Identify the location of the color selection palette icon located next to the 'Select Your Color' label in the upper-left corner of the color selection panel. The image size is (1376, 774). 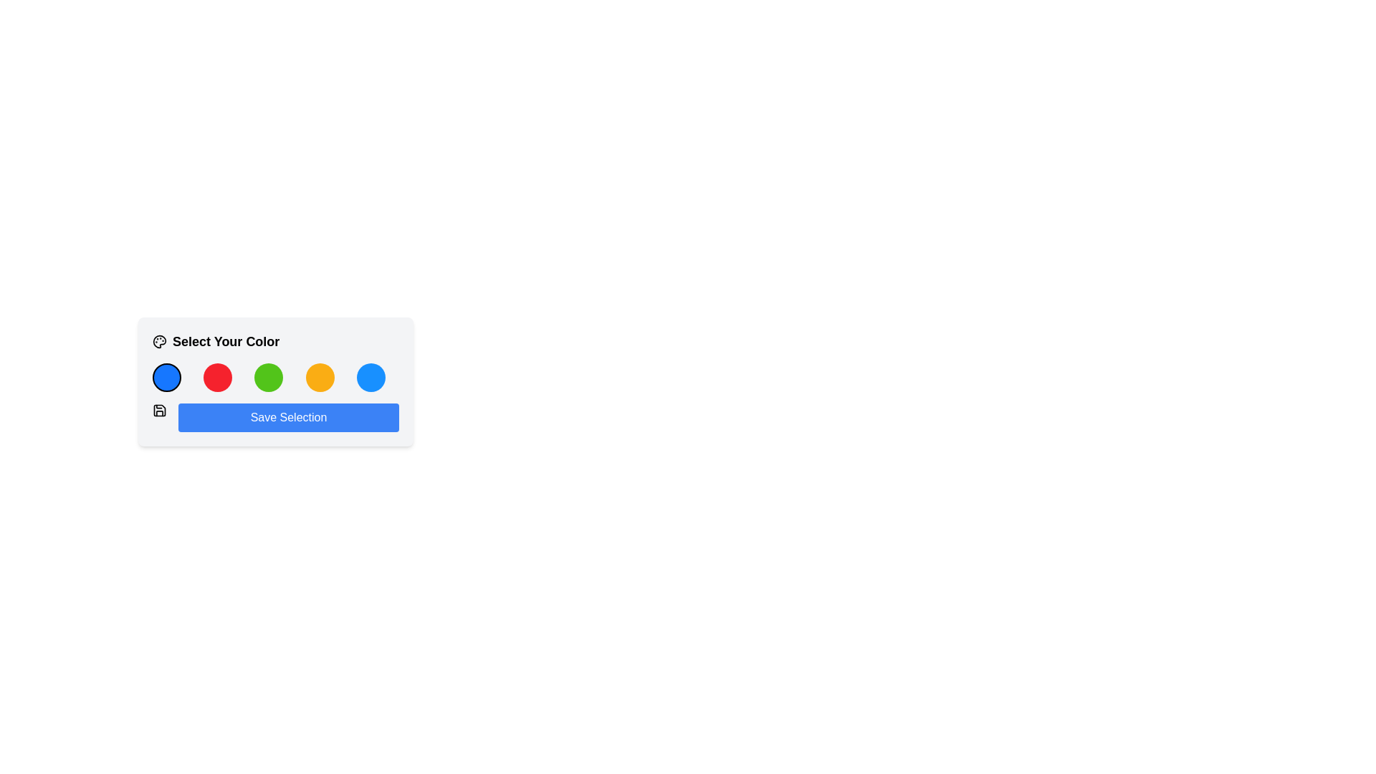
(159, 342).